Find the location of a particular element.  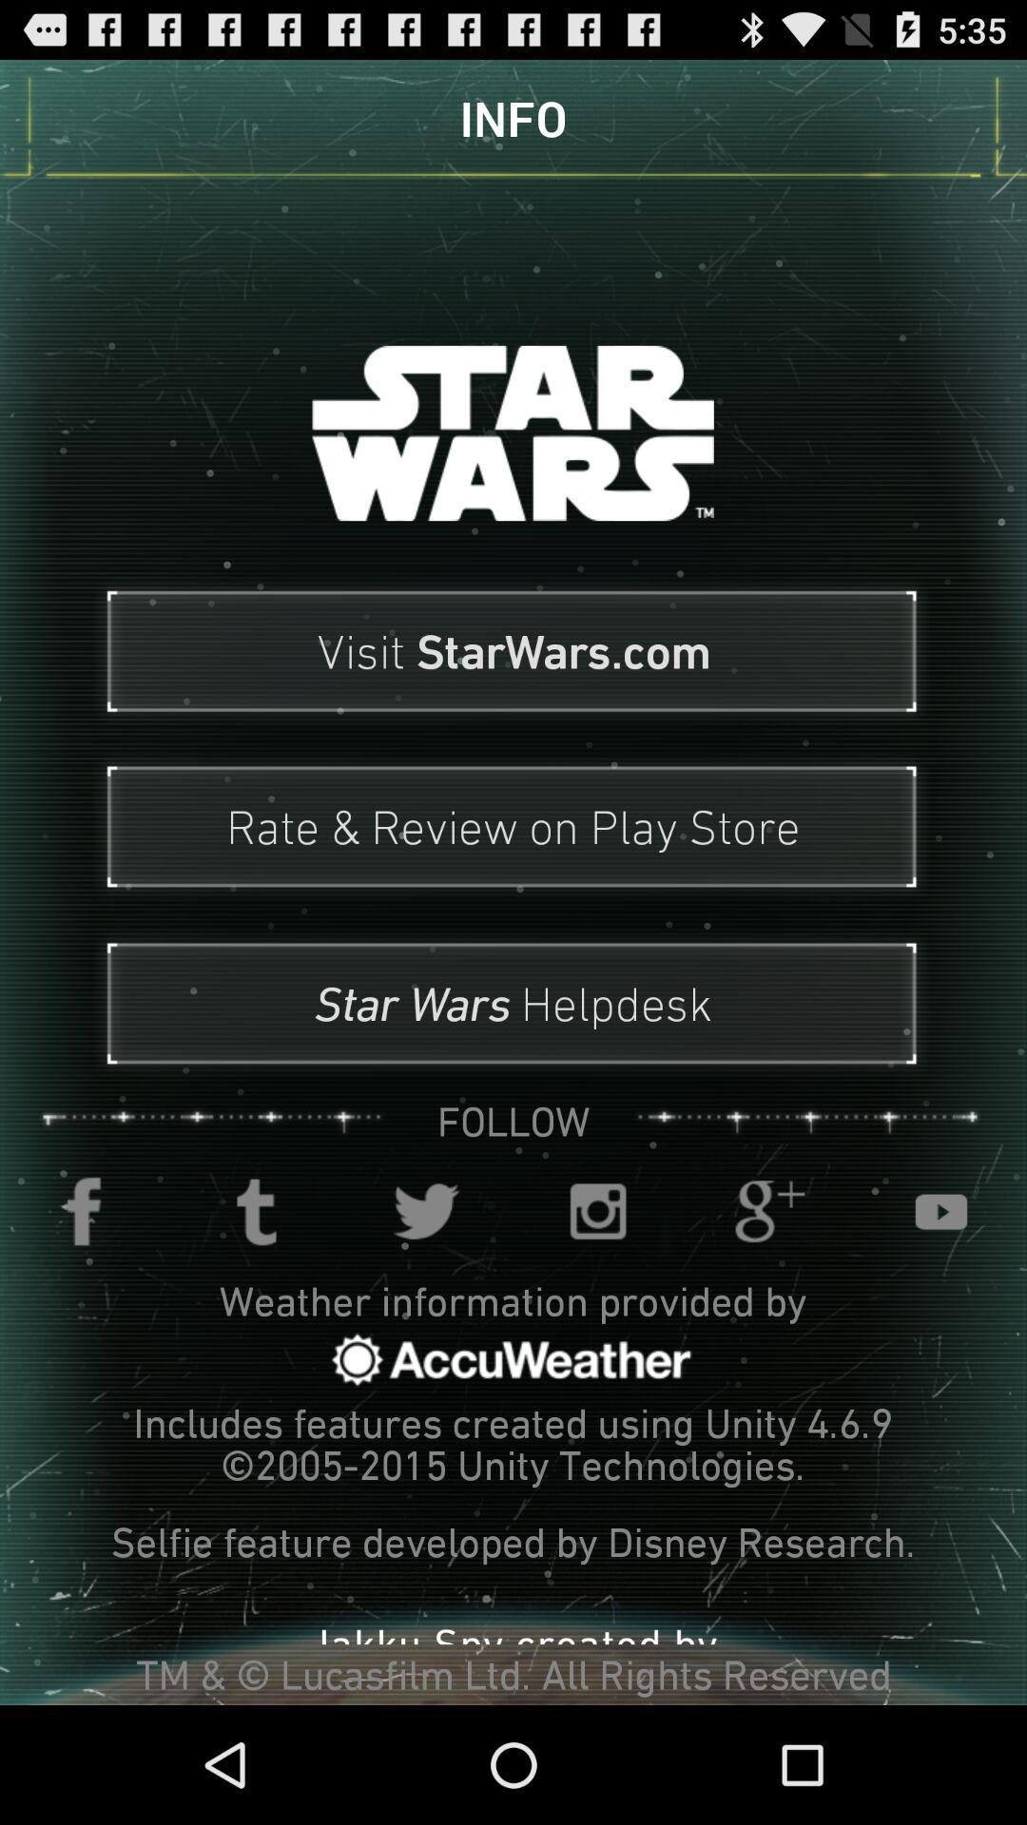

the twitter icon is located at coordinates (428, 1295).